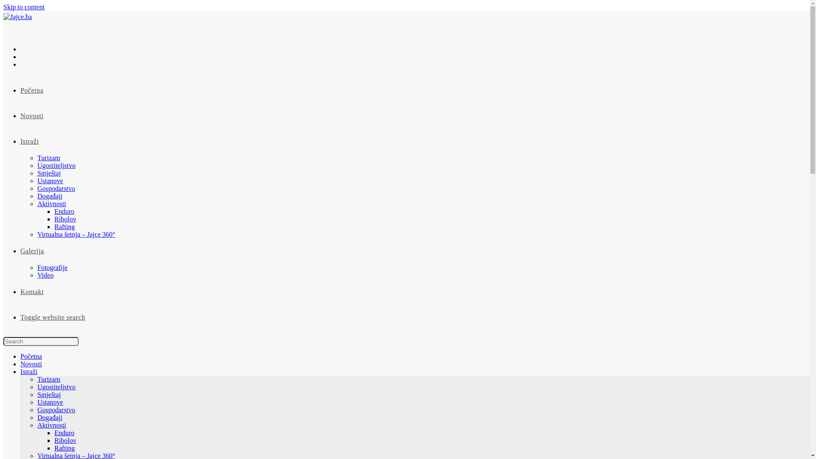 This screenshot has width=816, height=459. What do you see at coordinates (54, 448) in the screenshot?
I see `'Rafting'` at bounding box center [54, 448].